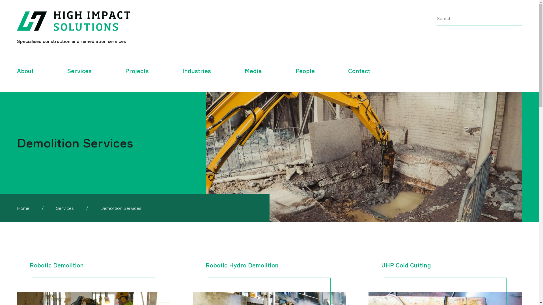 The height and width of the screenshot is (305, 543). What do you see at coordinates (517, 18) in the screenshot?
I see `'Submit search query'` at bounding box center [517, 18].